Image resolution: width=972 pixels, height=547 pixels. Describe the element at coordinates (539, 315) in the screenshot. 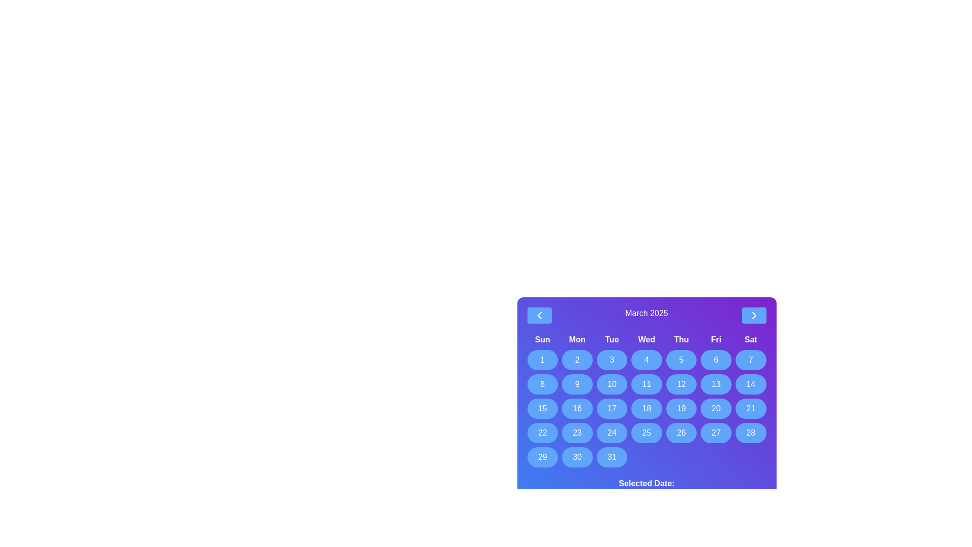

I see `the button located in the top-left corner of the calendar interface, left of the text 'March 2025'` at that location.